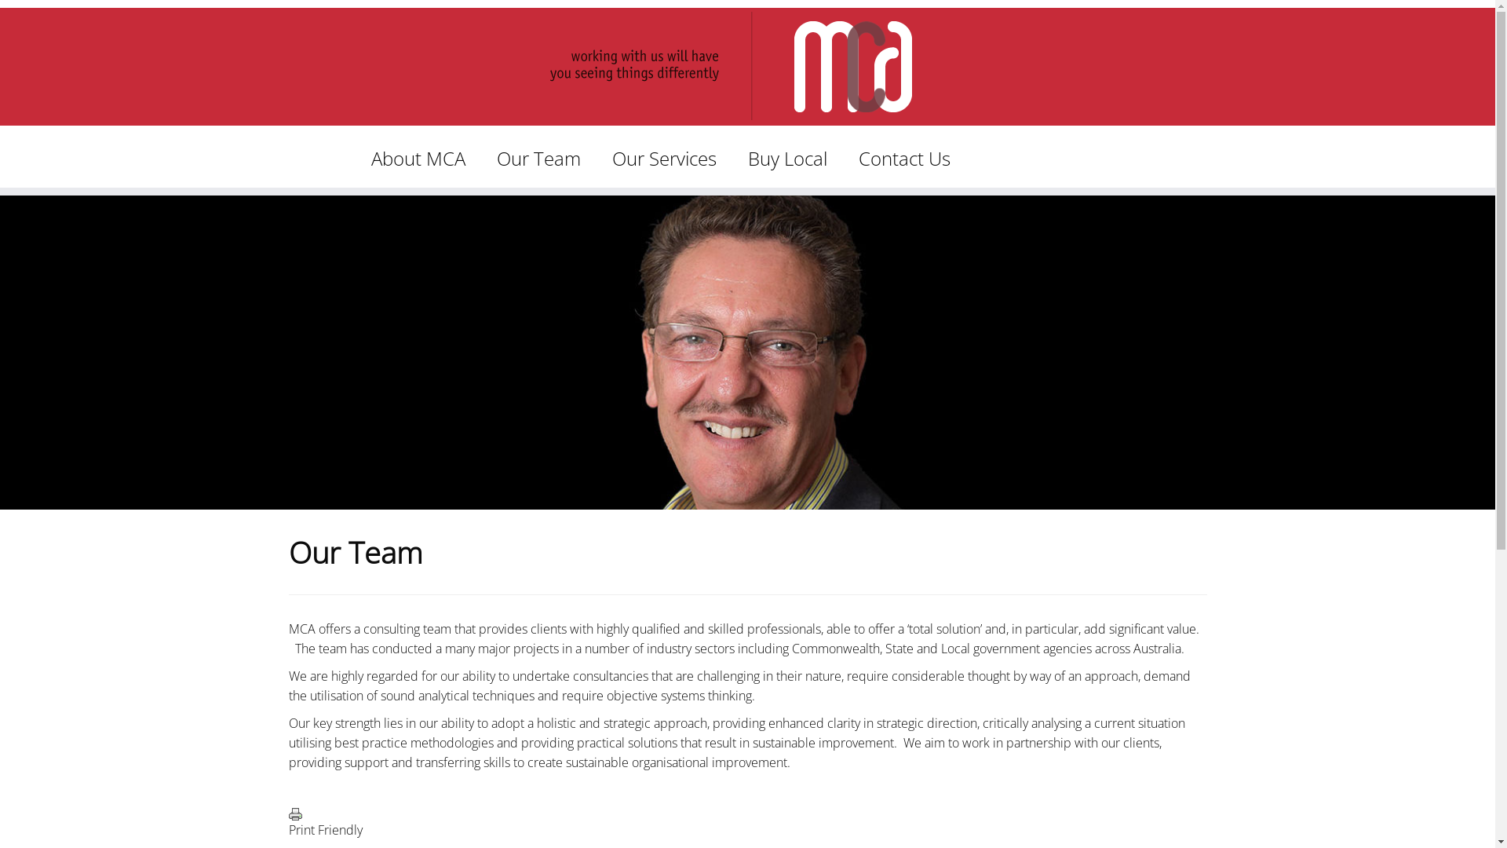  I want to click on 'Contact Us', so click(904, 158).